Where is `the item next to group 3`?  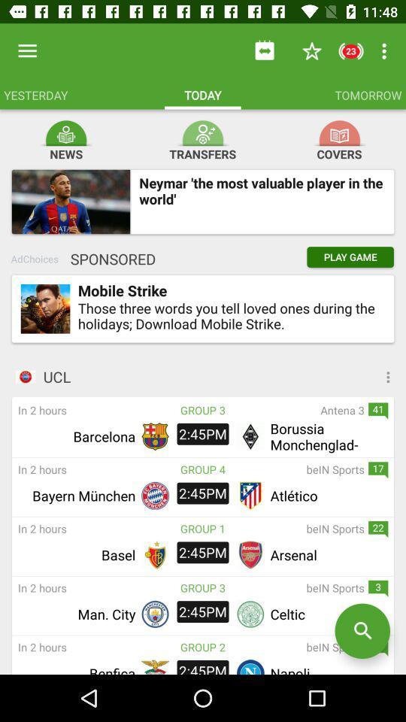 the item next to group 3 is located at coordinates (295, 410).